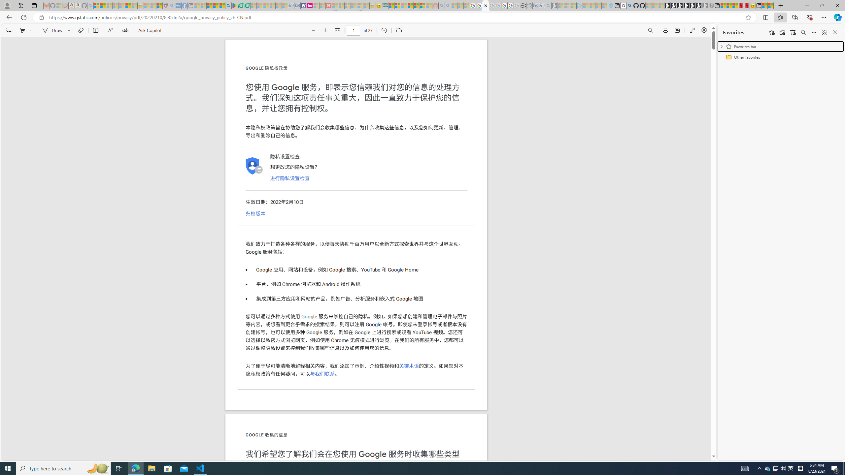  What do you see at coordinates (677, 30) in the screenshot?
I see `'Save (Ctrl+S)'` at bounding box center [677, 30].